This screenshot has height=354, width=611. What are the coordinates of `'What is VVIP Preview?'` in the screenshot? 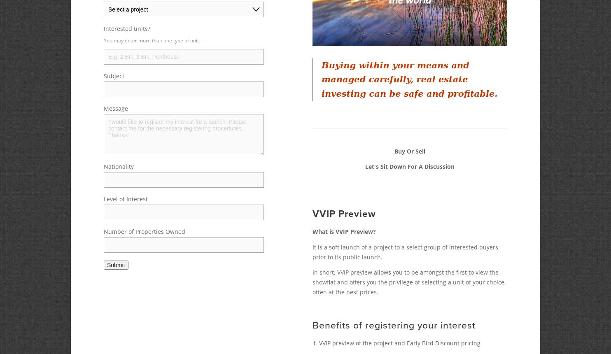 It's located at (312, 231).